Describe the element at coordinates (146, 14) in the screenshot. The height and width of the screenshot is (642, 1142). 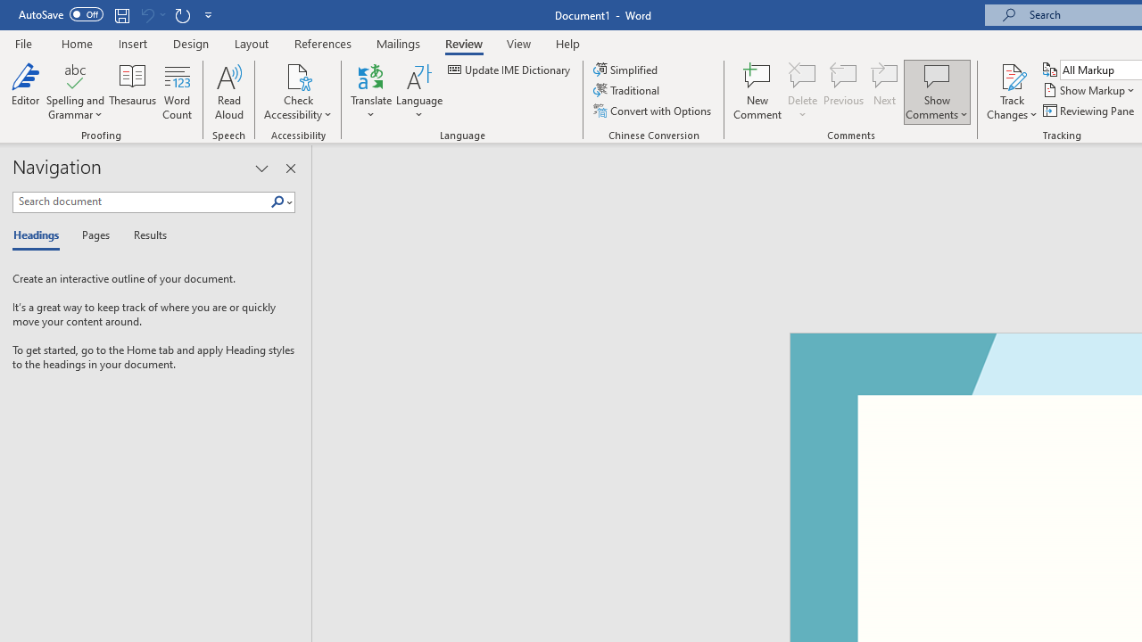
I see `'Can'` at that location.